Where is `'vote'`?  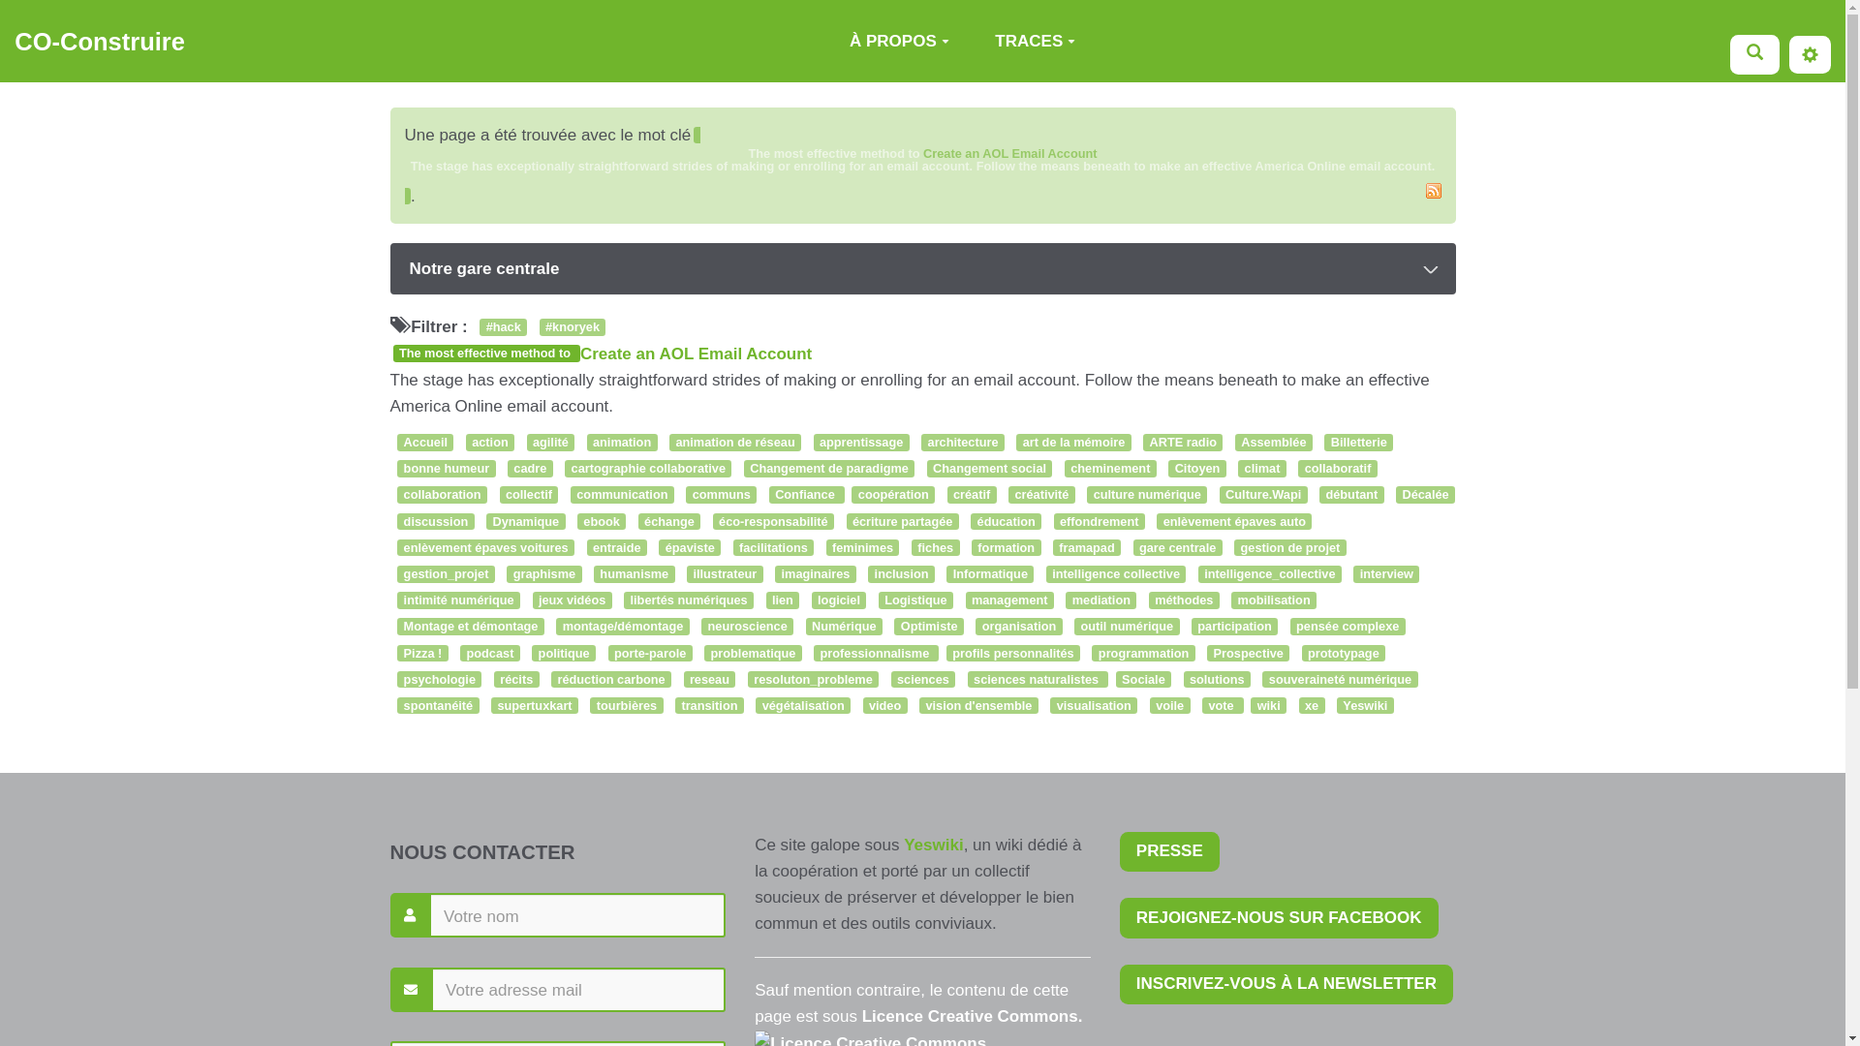 'vote' is located at coordinates (1222, 706).